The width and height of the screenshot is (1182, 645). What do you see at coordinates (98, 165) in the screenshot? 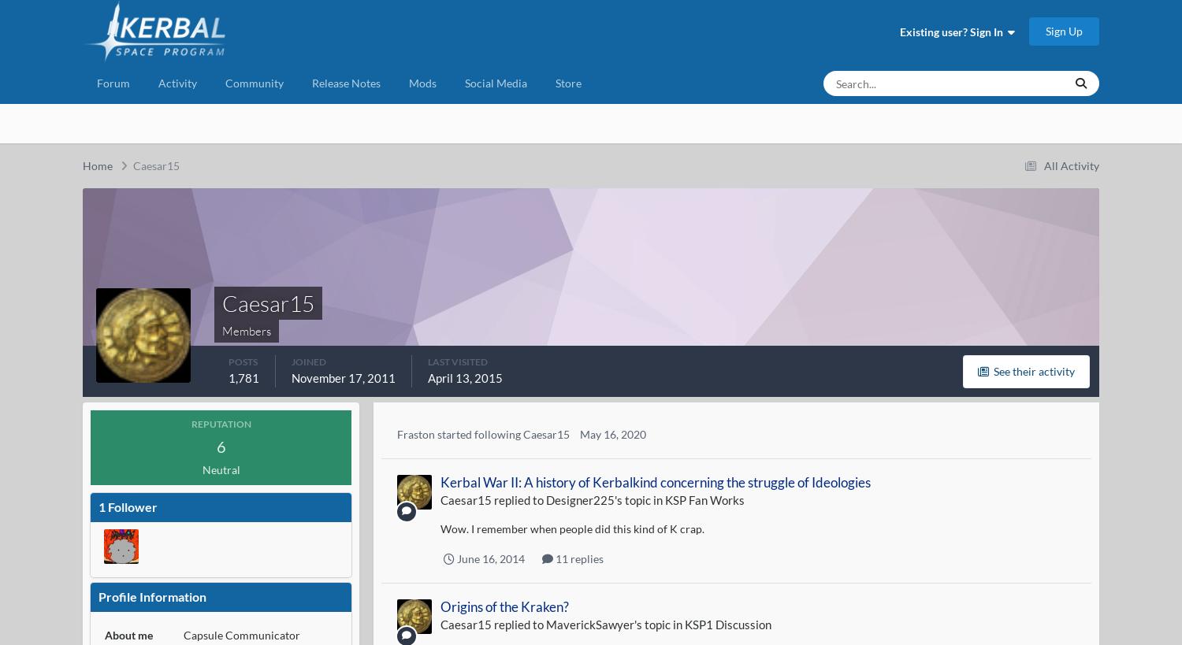
I see `'Home'` at bounding box center [98, 165].